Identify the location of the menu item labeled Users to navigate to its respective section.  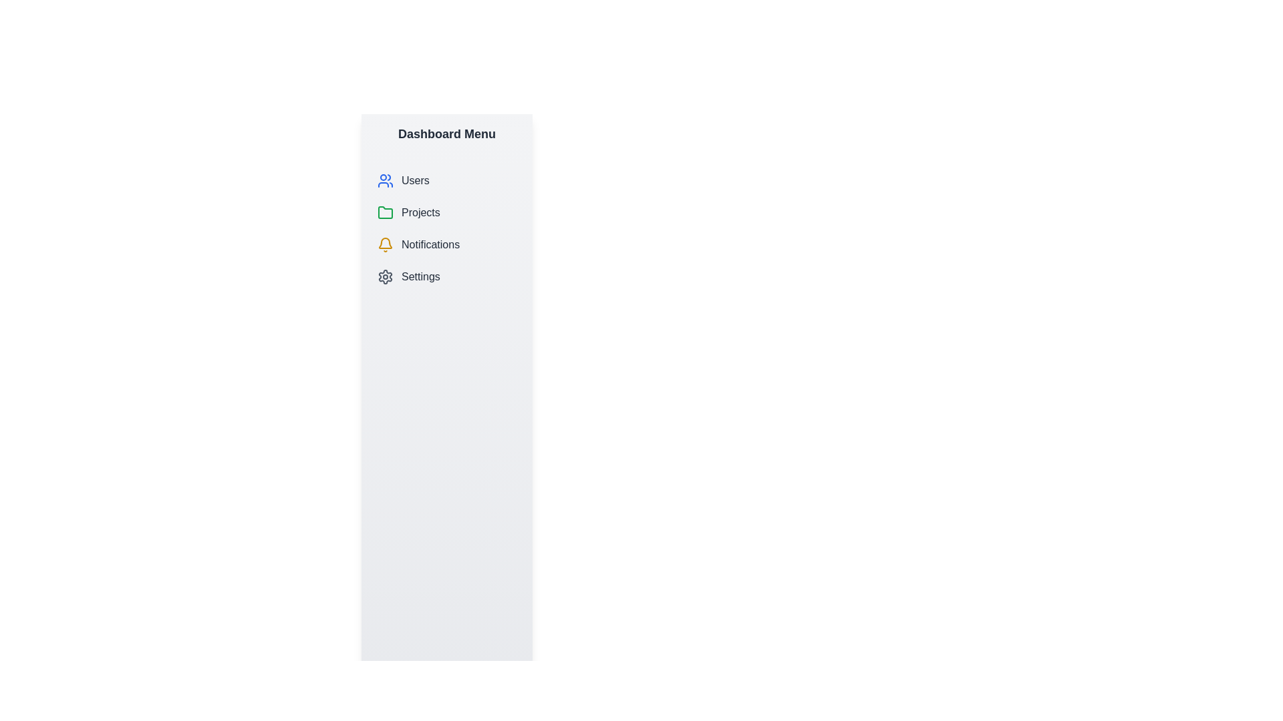
(446, 180).